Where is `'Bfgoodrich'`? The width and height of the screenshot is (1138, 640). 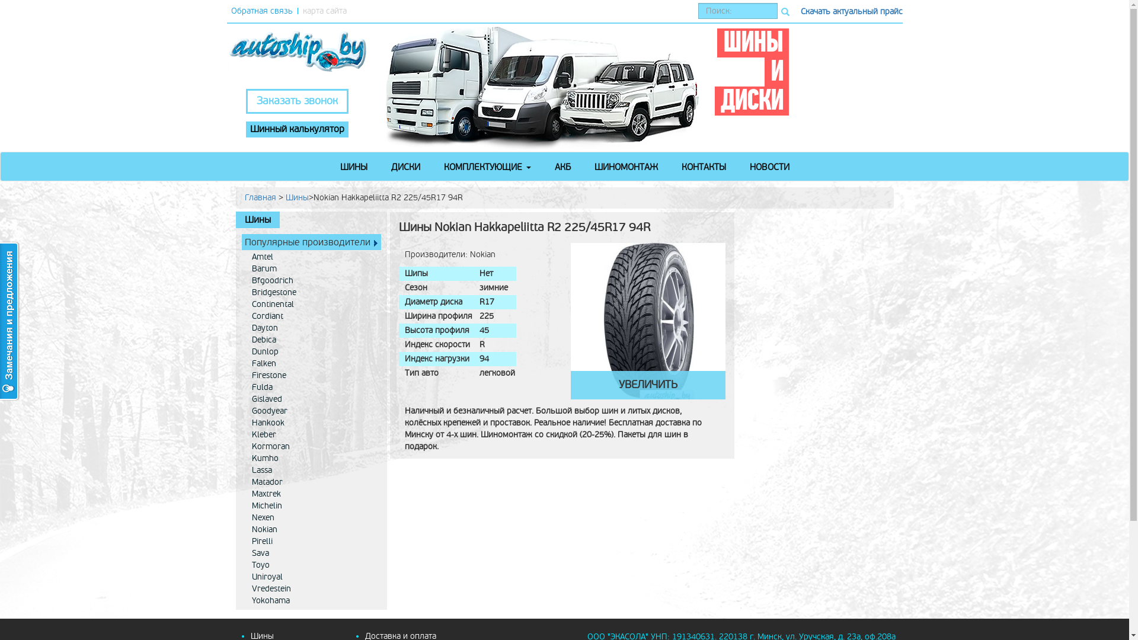
'Bfgoodrich' is located at coordinates (313, 281).